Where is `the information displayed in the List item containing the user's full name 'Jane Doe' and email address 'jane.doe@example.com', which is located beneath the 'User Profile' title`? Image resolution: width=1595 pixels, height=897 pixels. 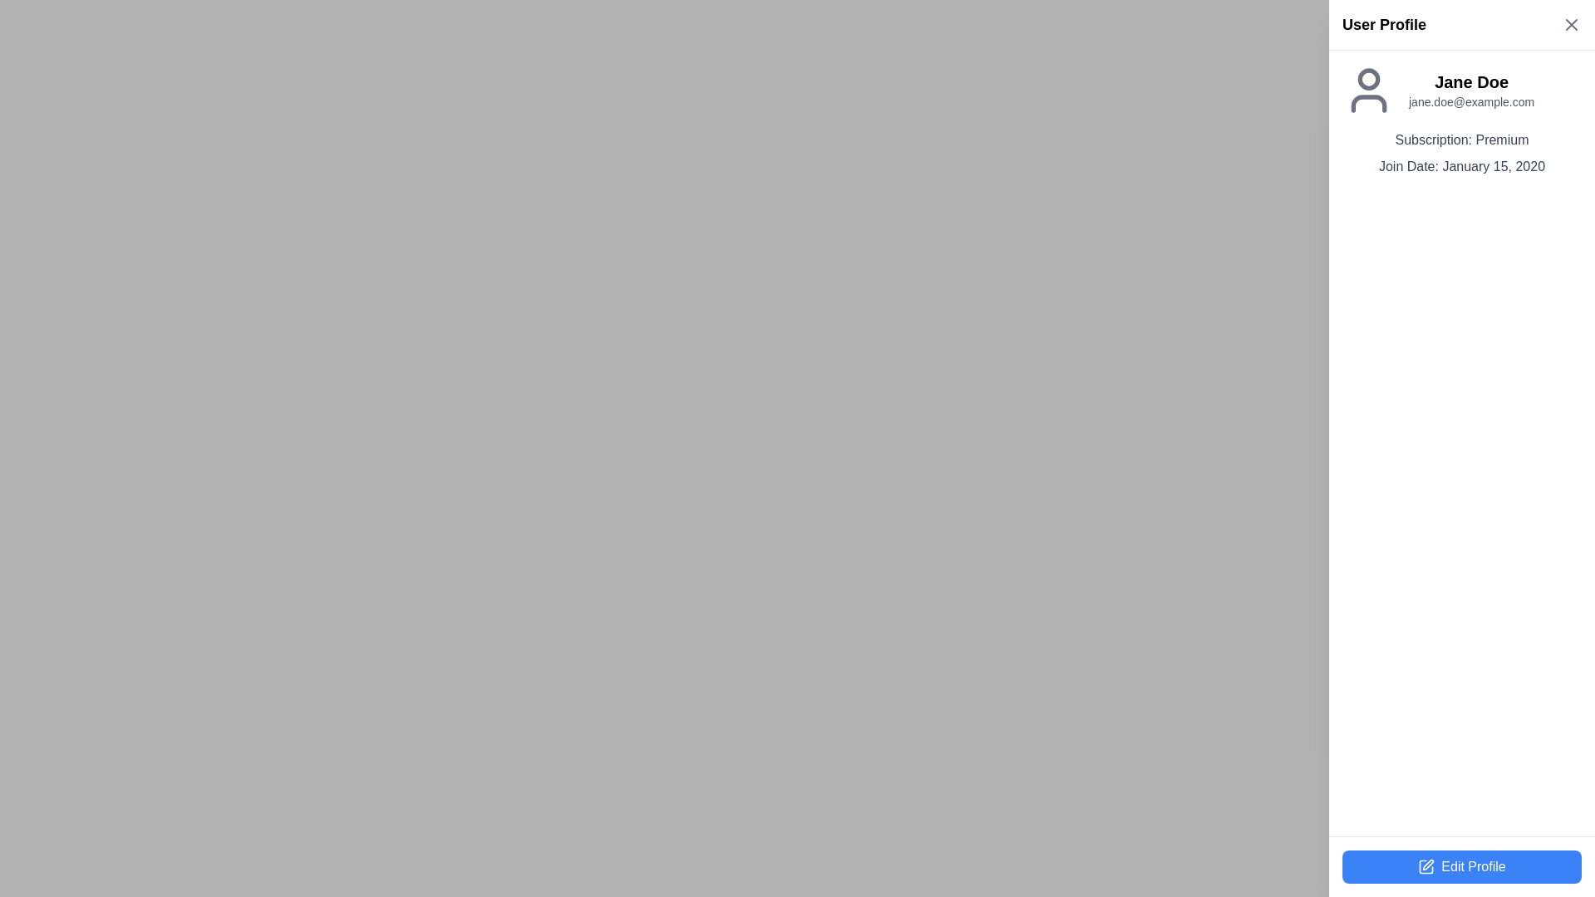
the information displayed in the List item containing the user's full name 'Jane Doe' and email address 'jane.doe@example.com', which is located beneath the 'User Profile' title is located at coordinates (1462, 90).